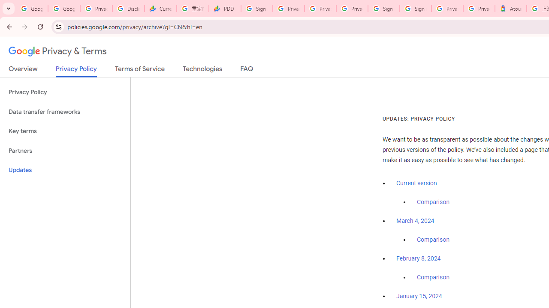  I want to click on 'Key terms', so click(65, 131).